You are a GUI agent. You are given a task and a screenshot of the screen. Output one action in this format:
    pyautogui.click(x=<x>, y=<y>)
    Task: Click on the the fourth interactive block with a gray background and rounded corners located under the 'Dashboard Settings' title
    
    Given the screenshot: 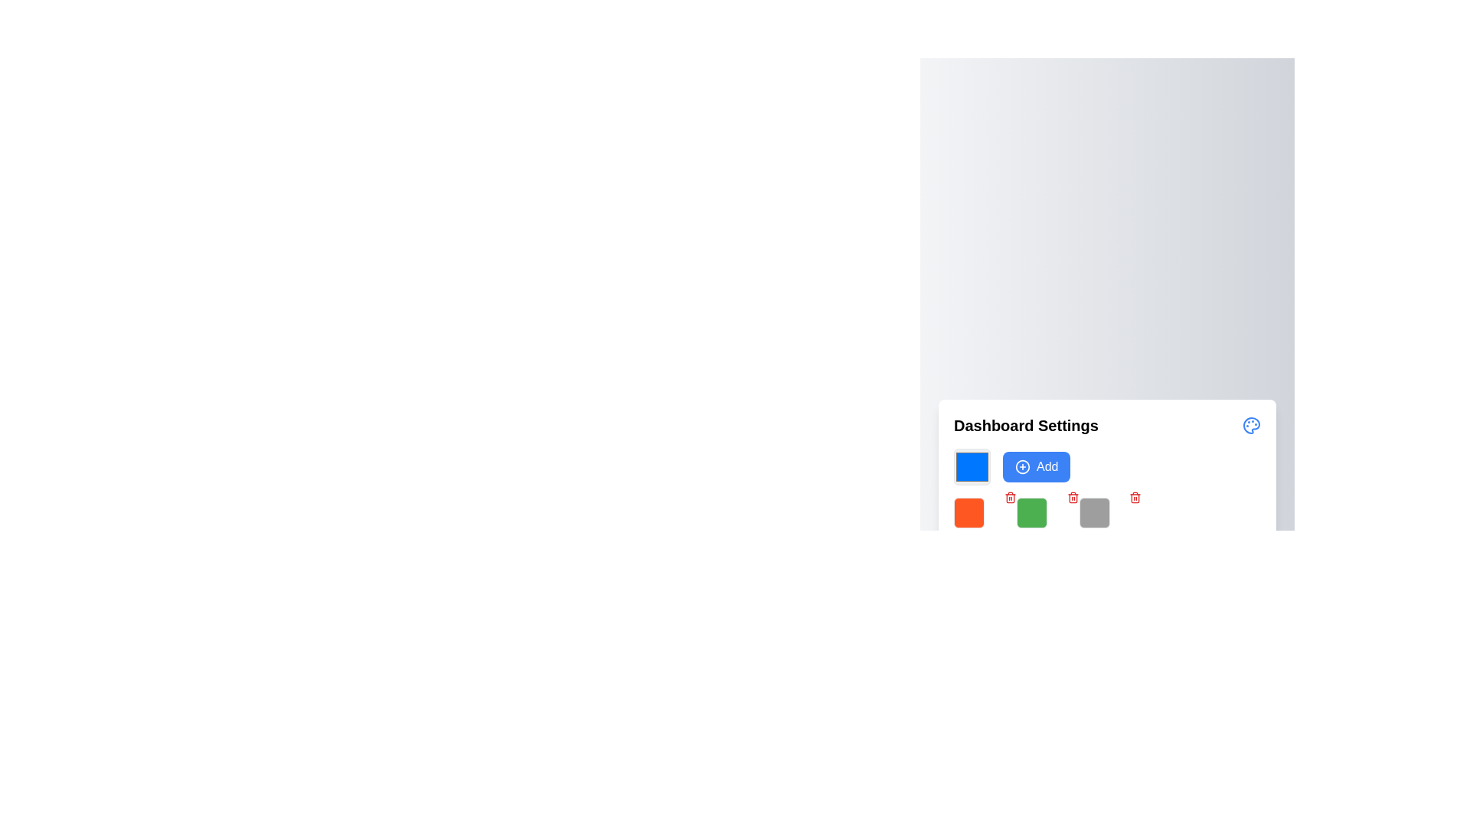 What is the action you would take?
    pyautogui.click(x=1107, y=513)
    